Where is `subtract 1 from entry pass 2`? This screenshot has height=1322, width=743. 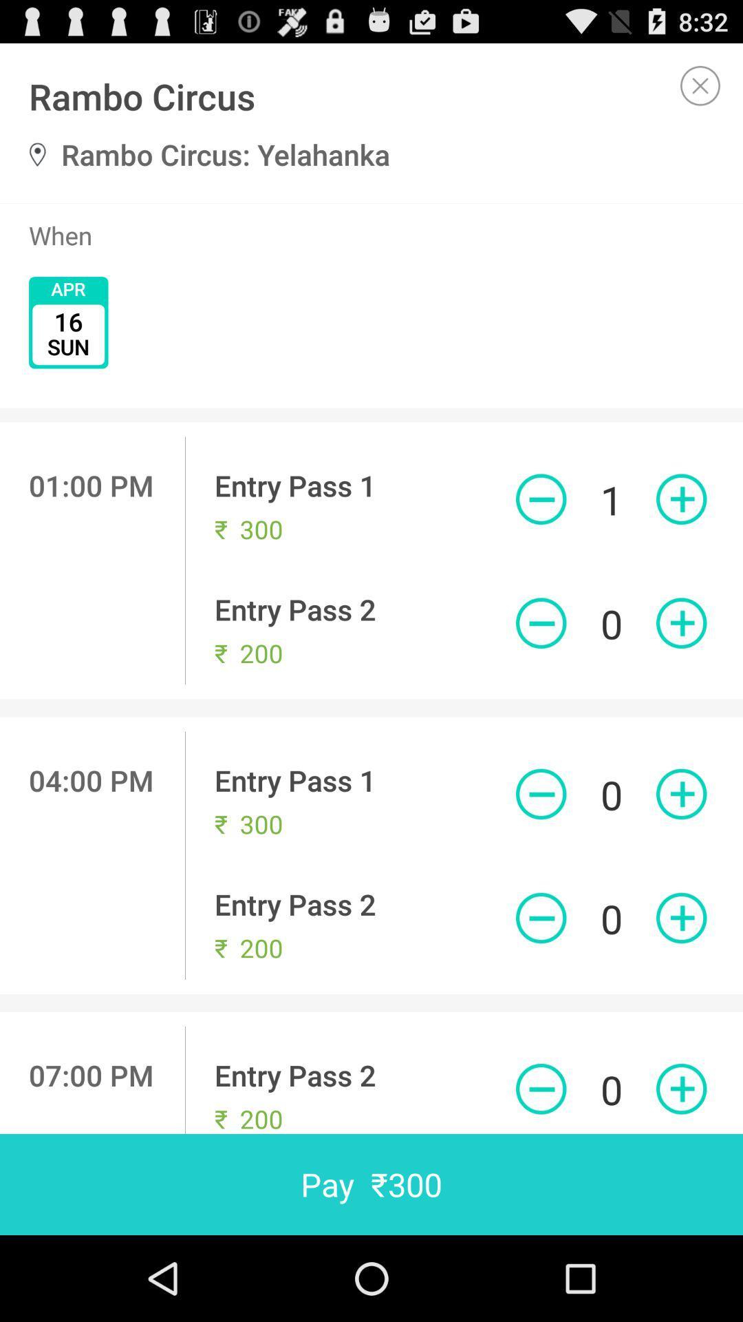
subtract 1 from entry pass 2 is located at coordinates (540, 622).